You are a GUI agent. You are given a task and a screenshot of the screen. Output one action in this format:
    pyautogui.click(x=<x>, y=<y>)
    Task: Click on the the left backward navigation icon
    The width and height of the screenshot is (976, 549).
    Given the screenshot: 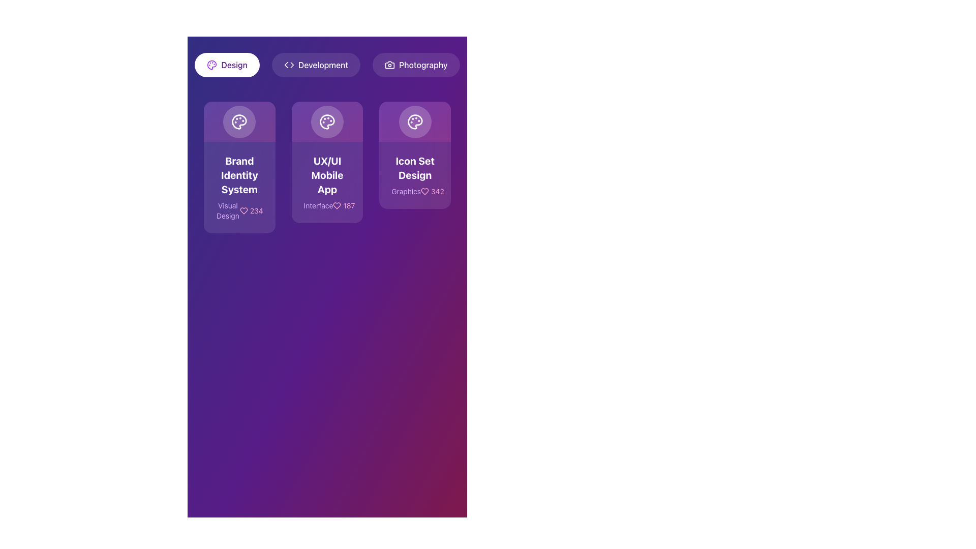 What is the action you would take?
    pyautogui.click(x=285, y=65)
    